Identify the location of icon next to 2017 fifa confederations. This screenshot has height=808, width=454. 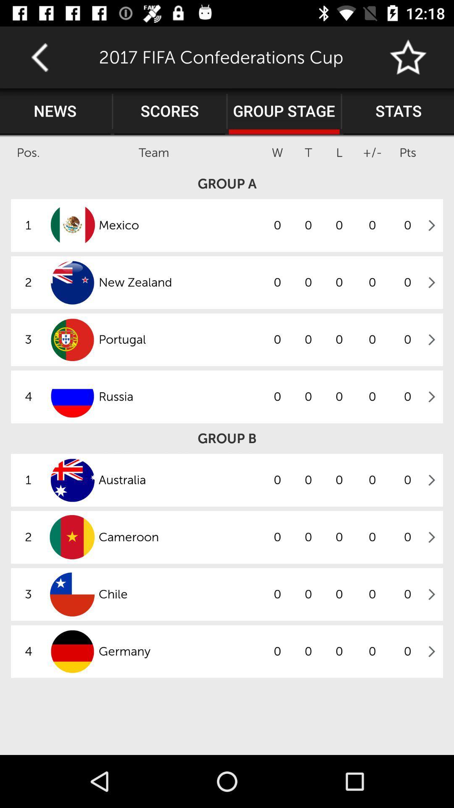
(40, 57).